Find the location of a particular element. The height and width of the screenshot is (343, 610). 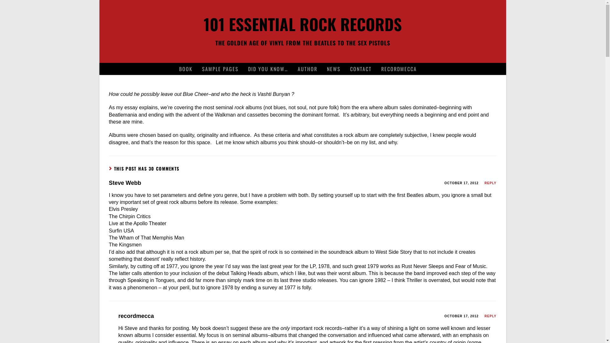

'AUTHOR' is located at coordinates (308, 69).